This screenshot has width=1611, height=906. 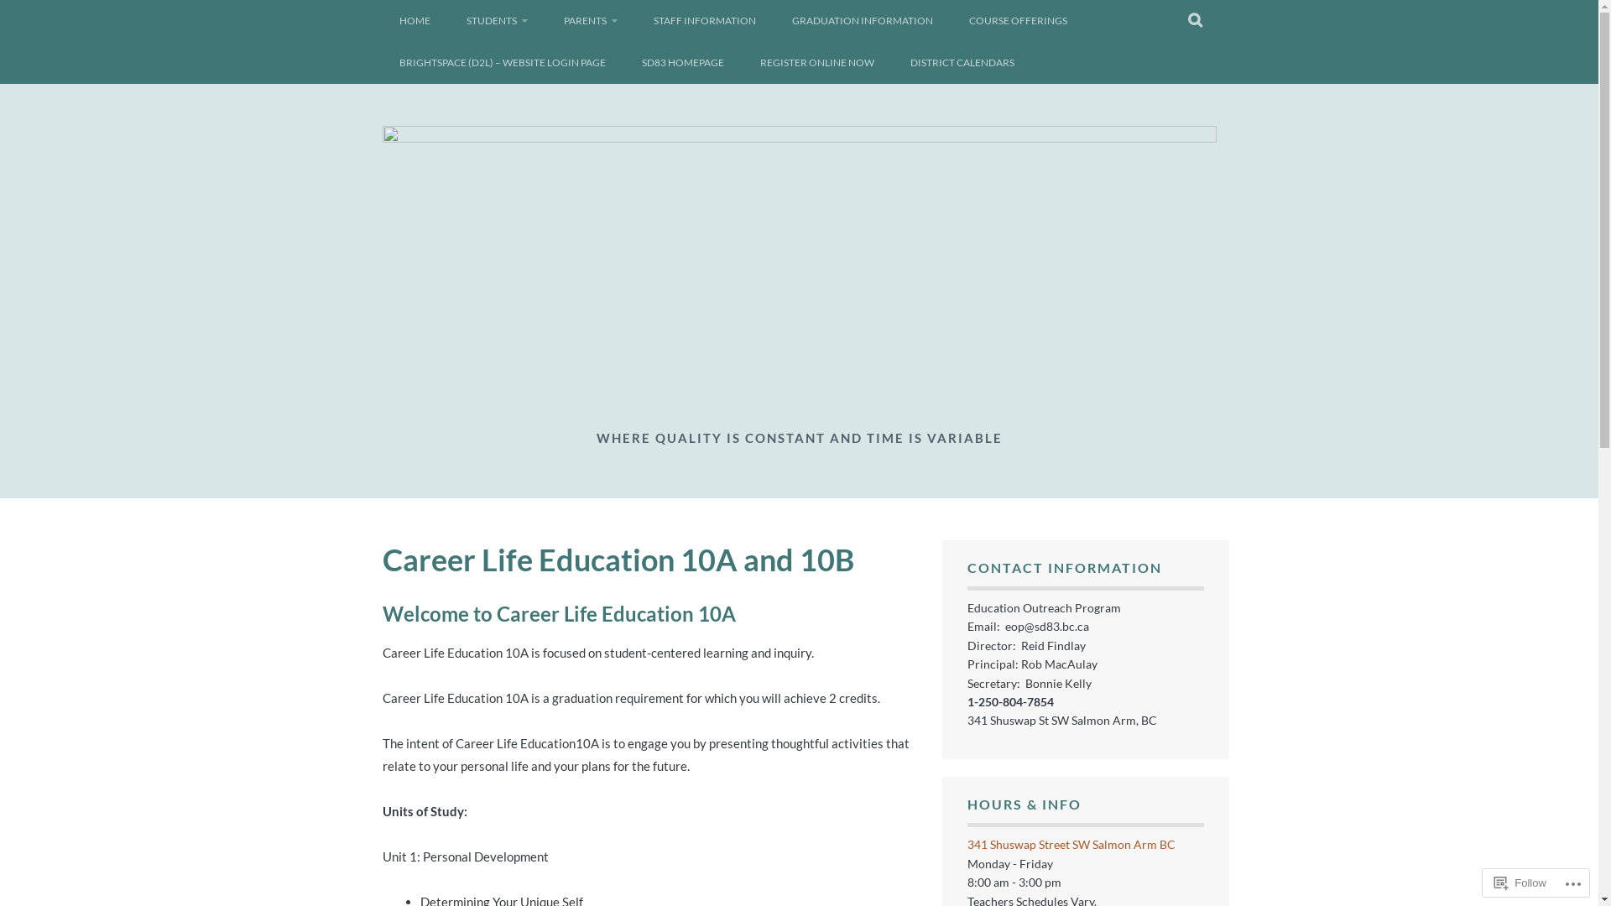 I want to click on 'SD83 HOMEPAGE', so click(x=681, y=61).